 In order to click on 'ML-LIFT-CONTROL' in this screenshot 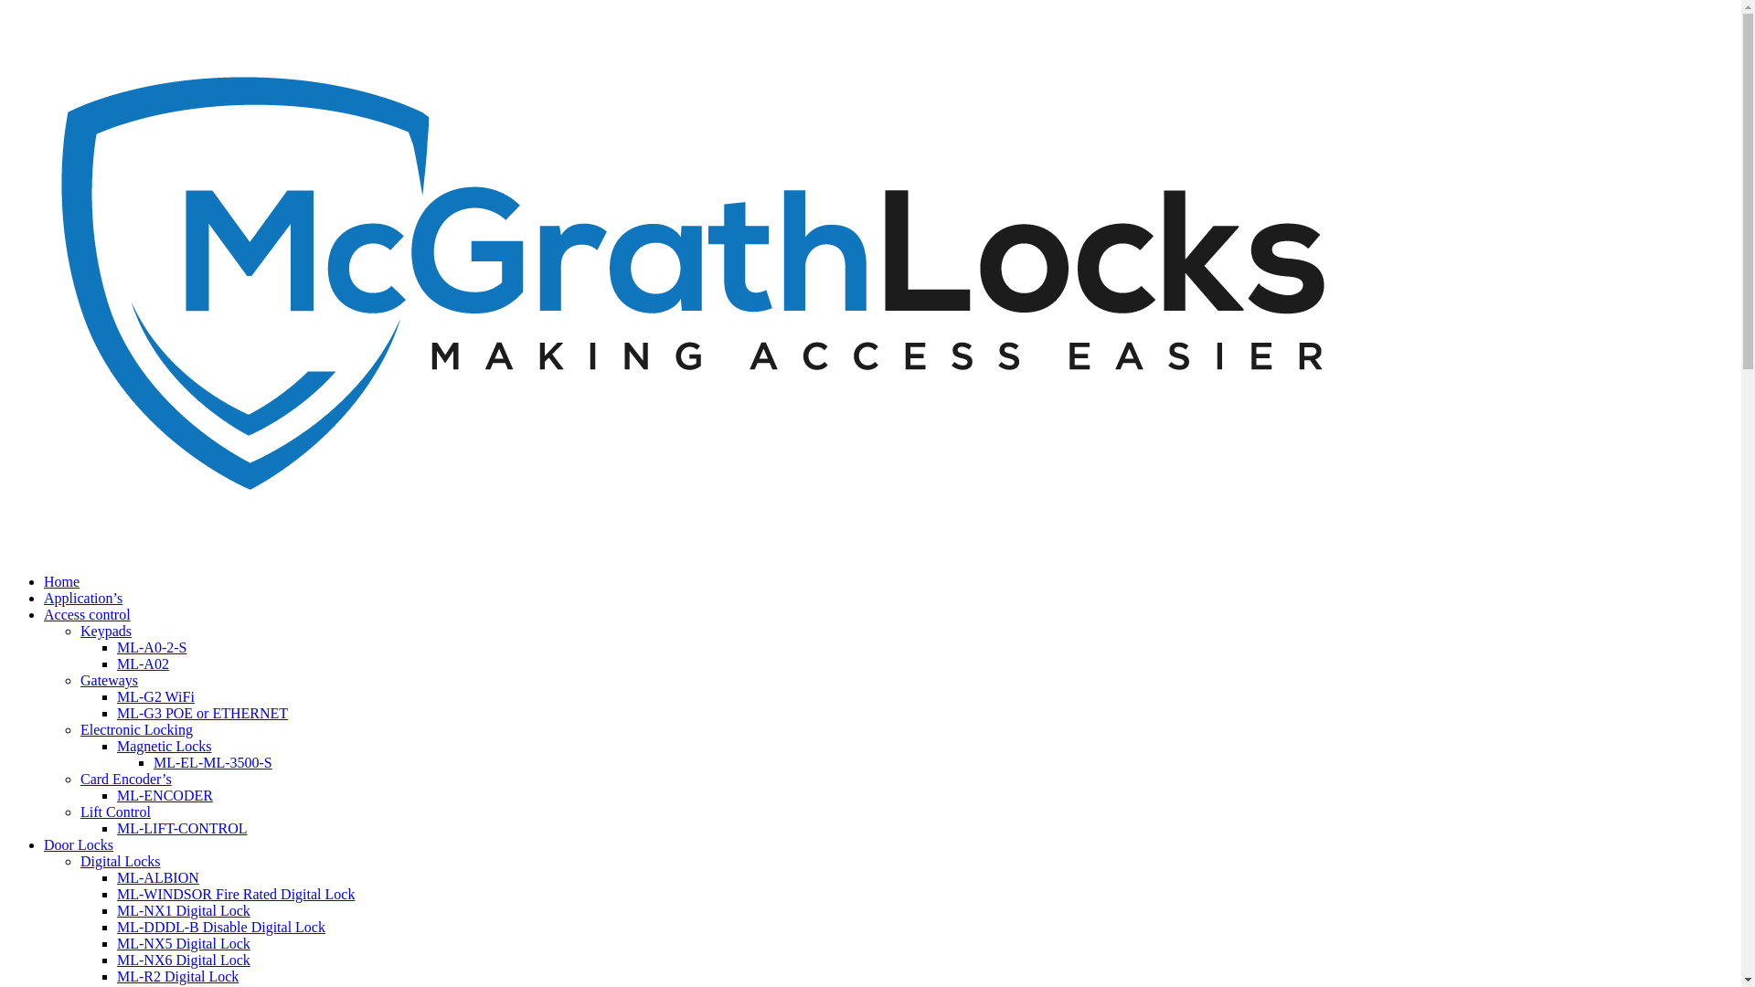, I will do `click(116, 828)`.